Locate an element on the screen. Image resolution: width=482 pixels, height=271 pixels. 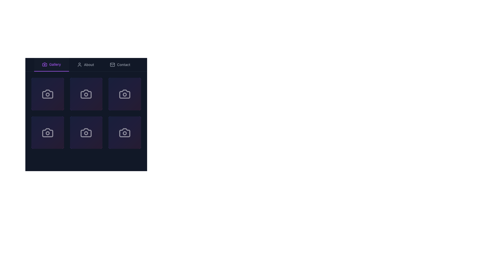
the text label displaying the word 'About' in the navigation menu is located at coordinates (89, 64).